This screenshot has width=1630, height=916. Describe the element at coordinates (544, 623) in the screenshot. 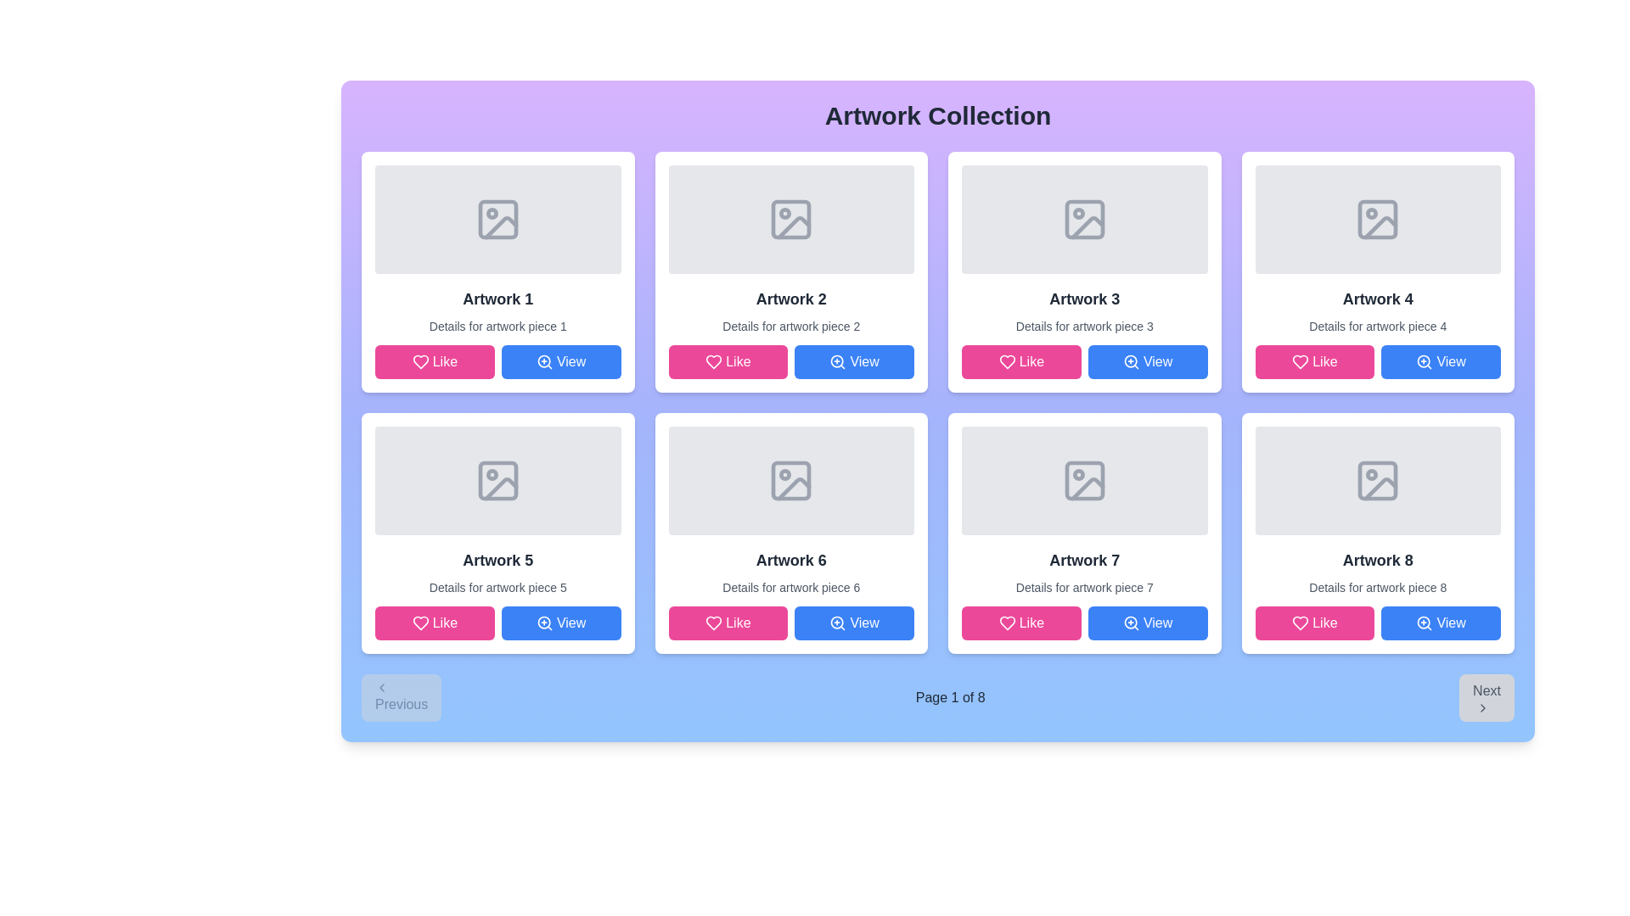

I see `the magnifying glass icon with a plus sign embedded inside the blue 'View' button for 'Artwork 5' located in the lower-right side of the card` at that location.